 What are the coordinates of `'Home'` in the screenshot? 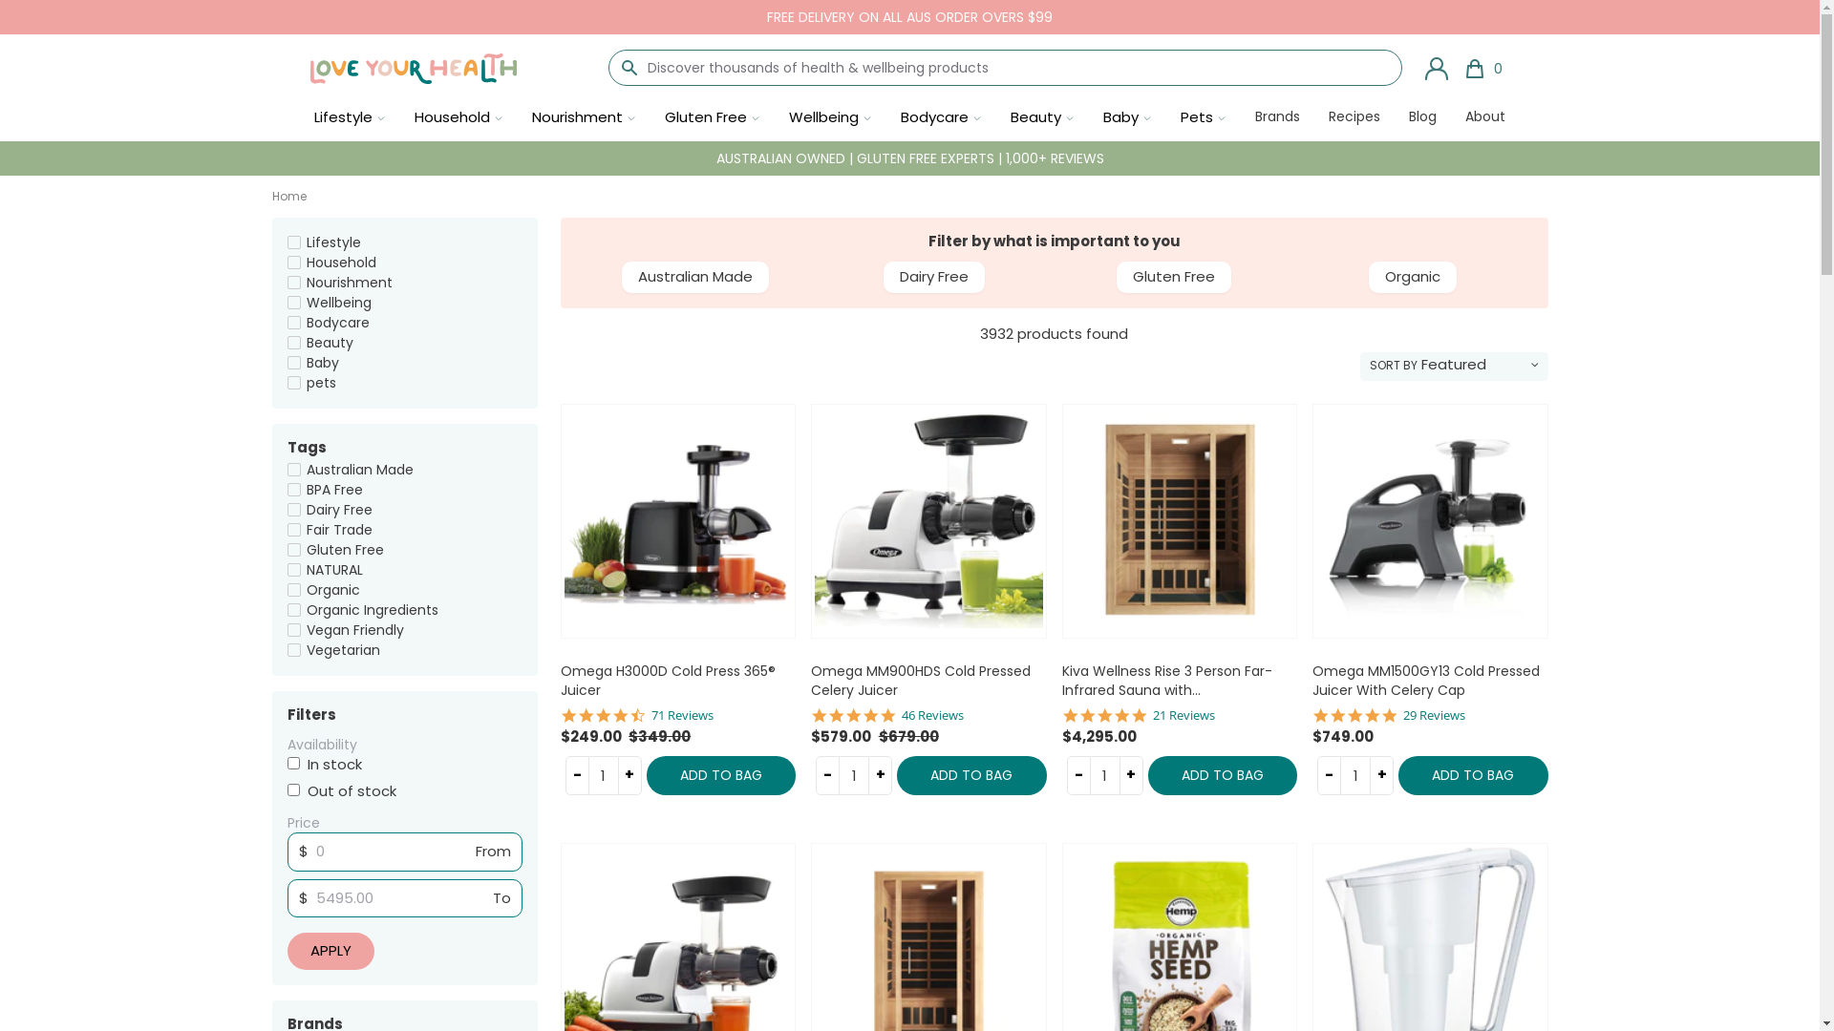 It's located at (288, 196).